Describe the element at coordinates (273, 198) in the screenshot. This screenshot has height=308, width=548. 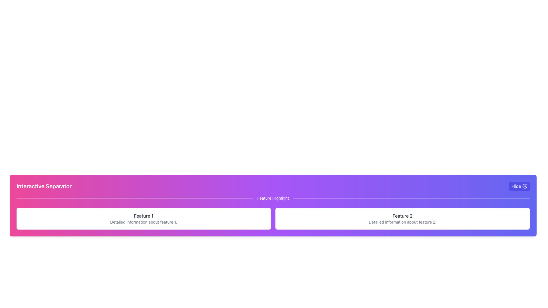
I see `the static label that indicates a highlighted feature or section, located in the central section of the purple gradient area` at that location.